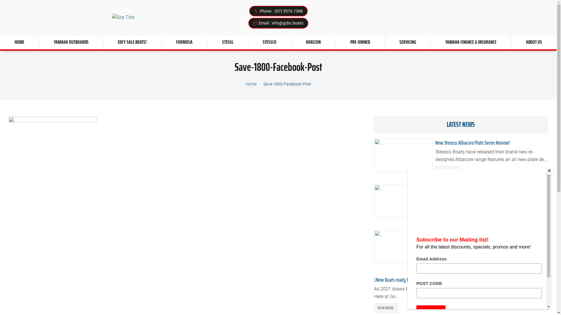  I want to click on 'YAMAHA FINANCE & INSURANCE', so click(471, 41).